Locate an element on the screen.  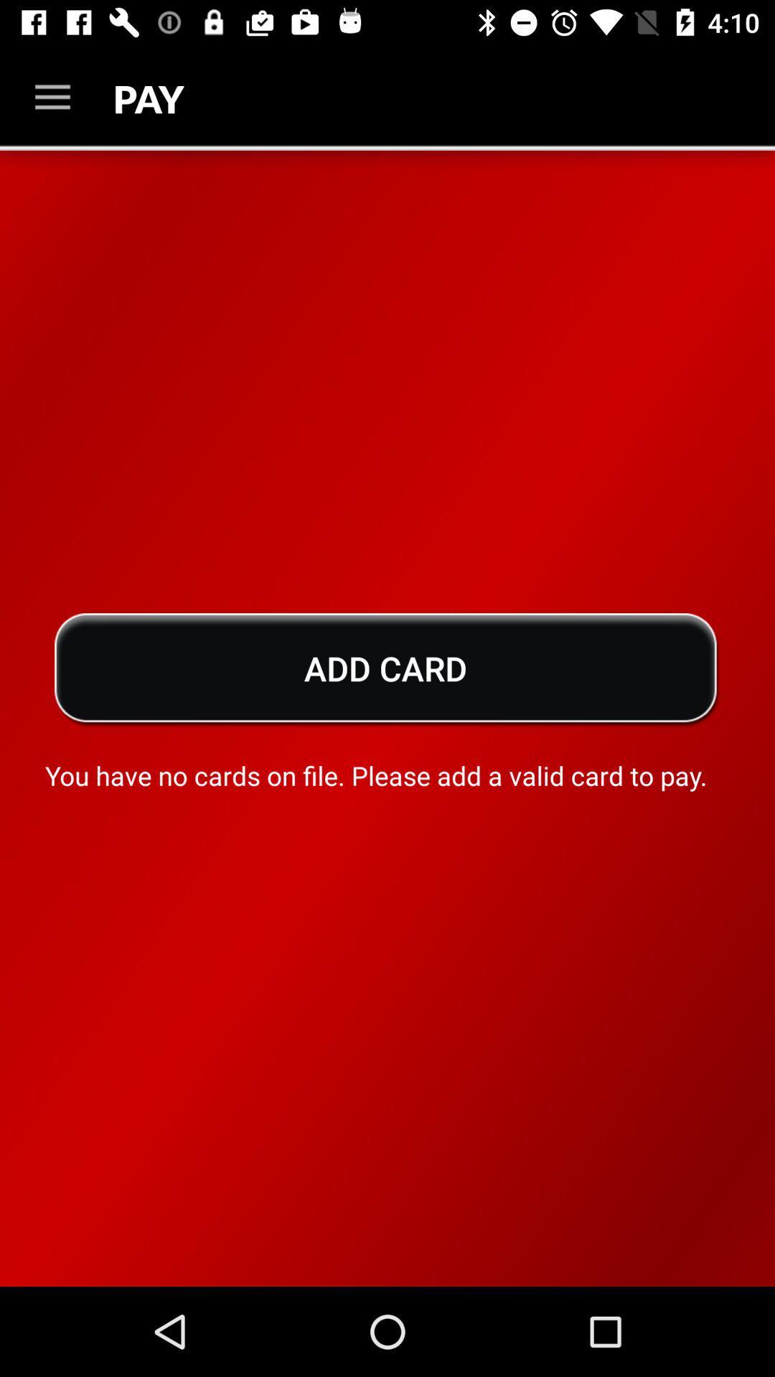
app next to pay is located at coordinates (52, 97).